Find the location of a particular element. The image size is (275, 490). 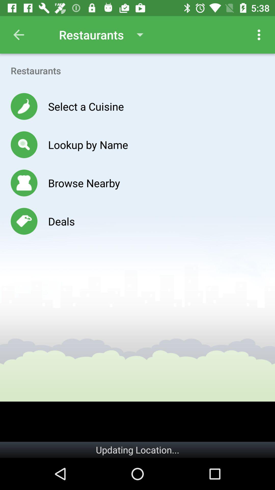

the icon below the select a cuisine icon is located at coordinates (88, 144).